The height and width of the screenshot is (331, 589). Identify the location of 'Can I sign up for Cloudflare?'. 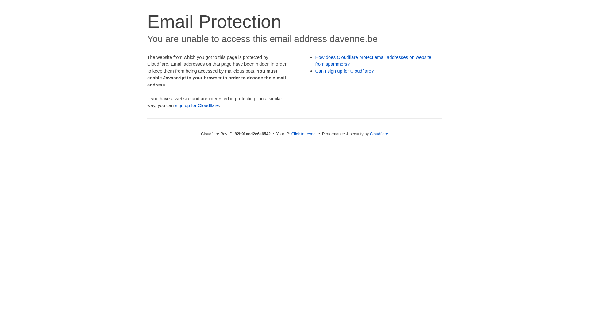
(345, 70).